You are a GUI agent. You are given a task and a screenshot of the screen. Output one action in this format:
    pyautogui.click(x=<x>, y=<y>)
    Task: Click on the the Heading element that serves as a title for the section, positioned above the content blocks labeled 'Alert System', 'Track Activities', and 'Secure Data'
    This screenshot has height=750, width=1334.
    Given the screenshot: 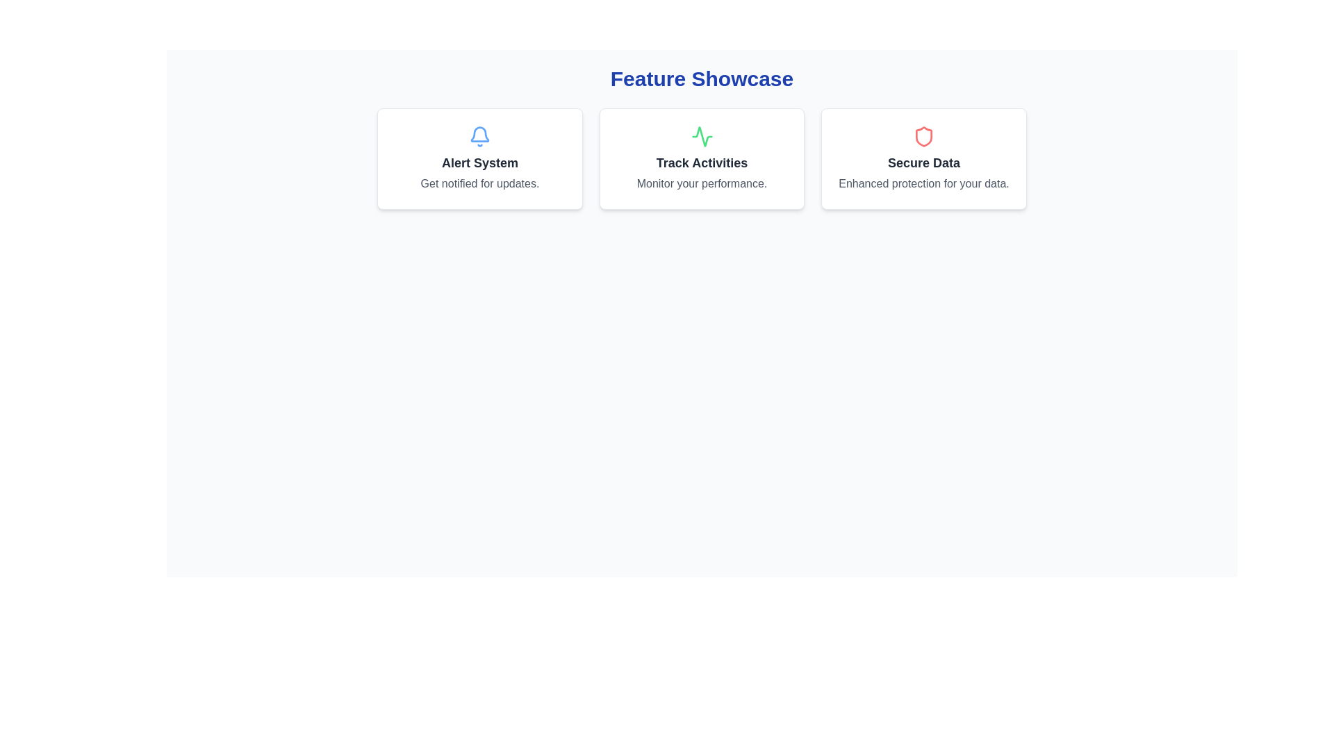 What is the action you would take?
    pyautogui.click(x=702, y=79)
    